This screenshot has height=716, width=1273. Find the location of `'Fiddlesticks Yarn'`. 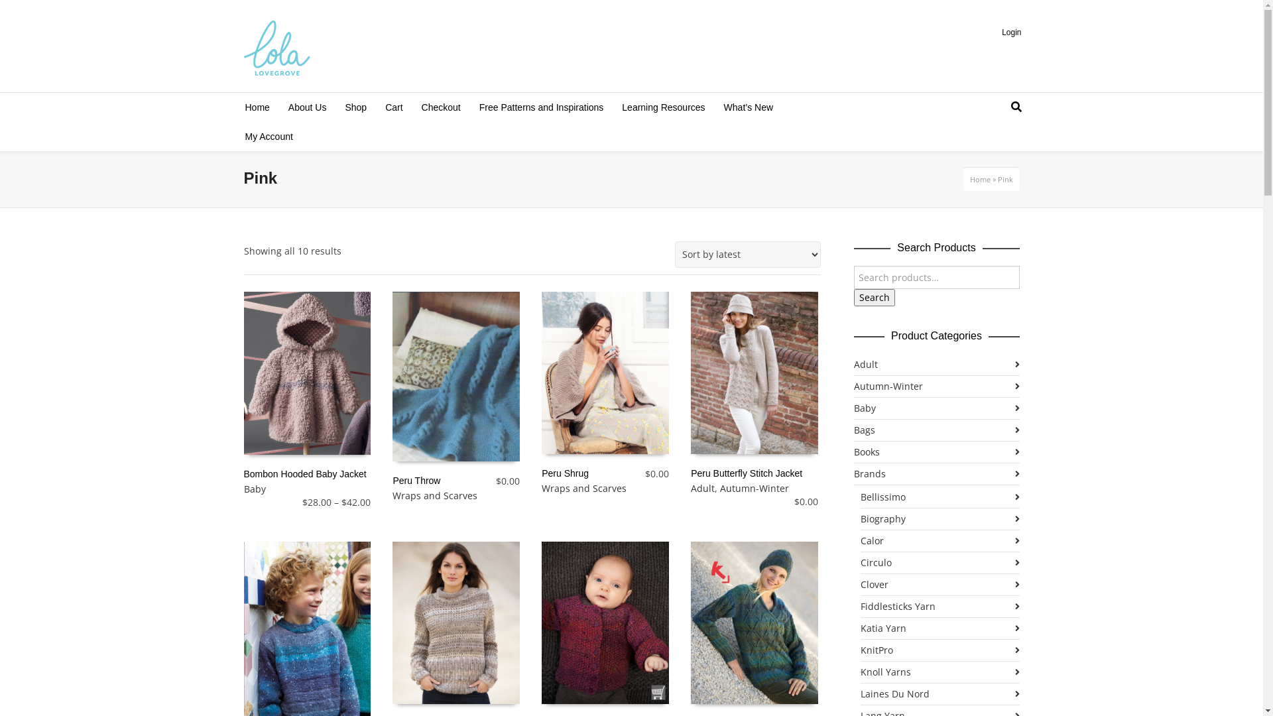

'Fiddlesticks Yarn' is located at coordinates (939, 606).